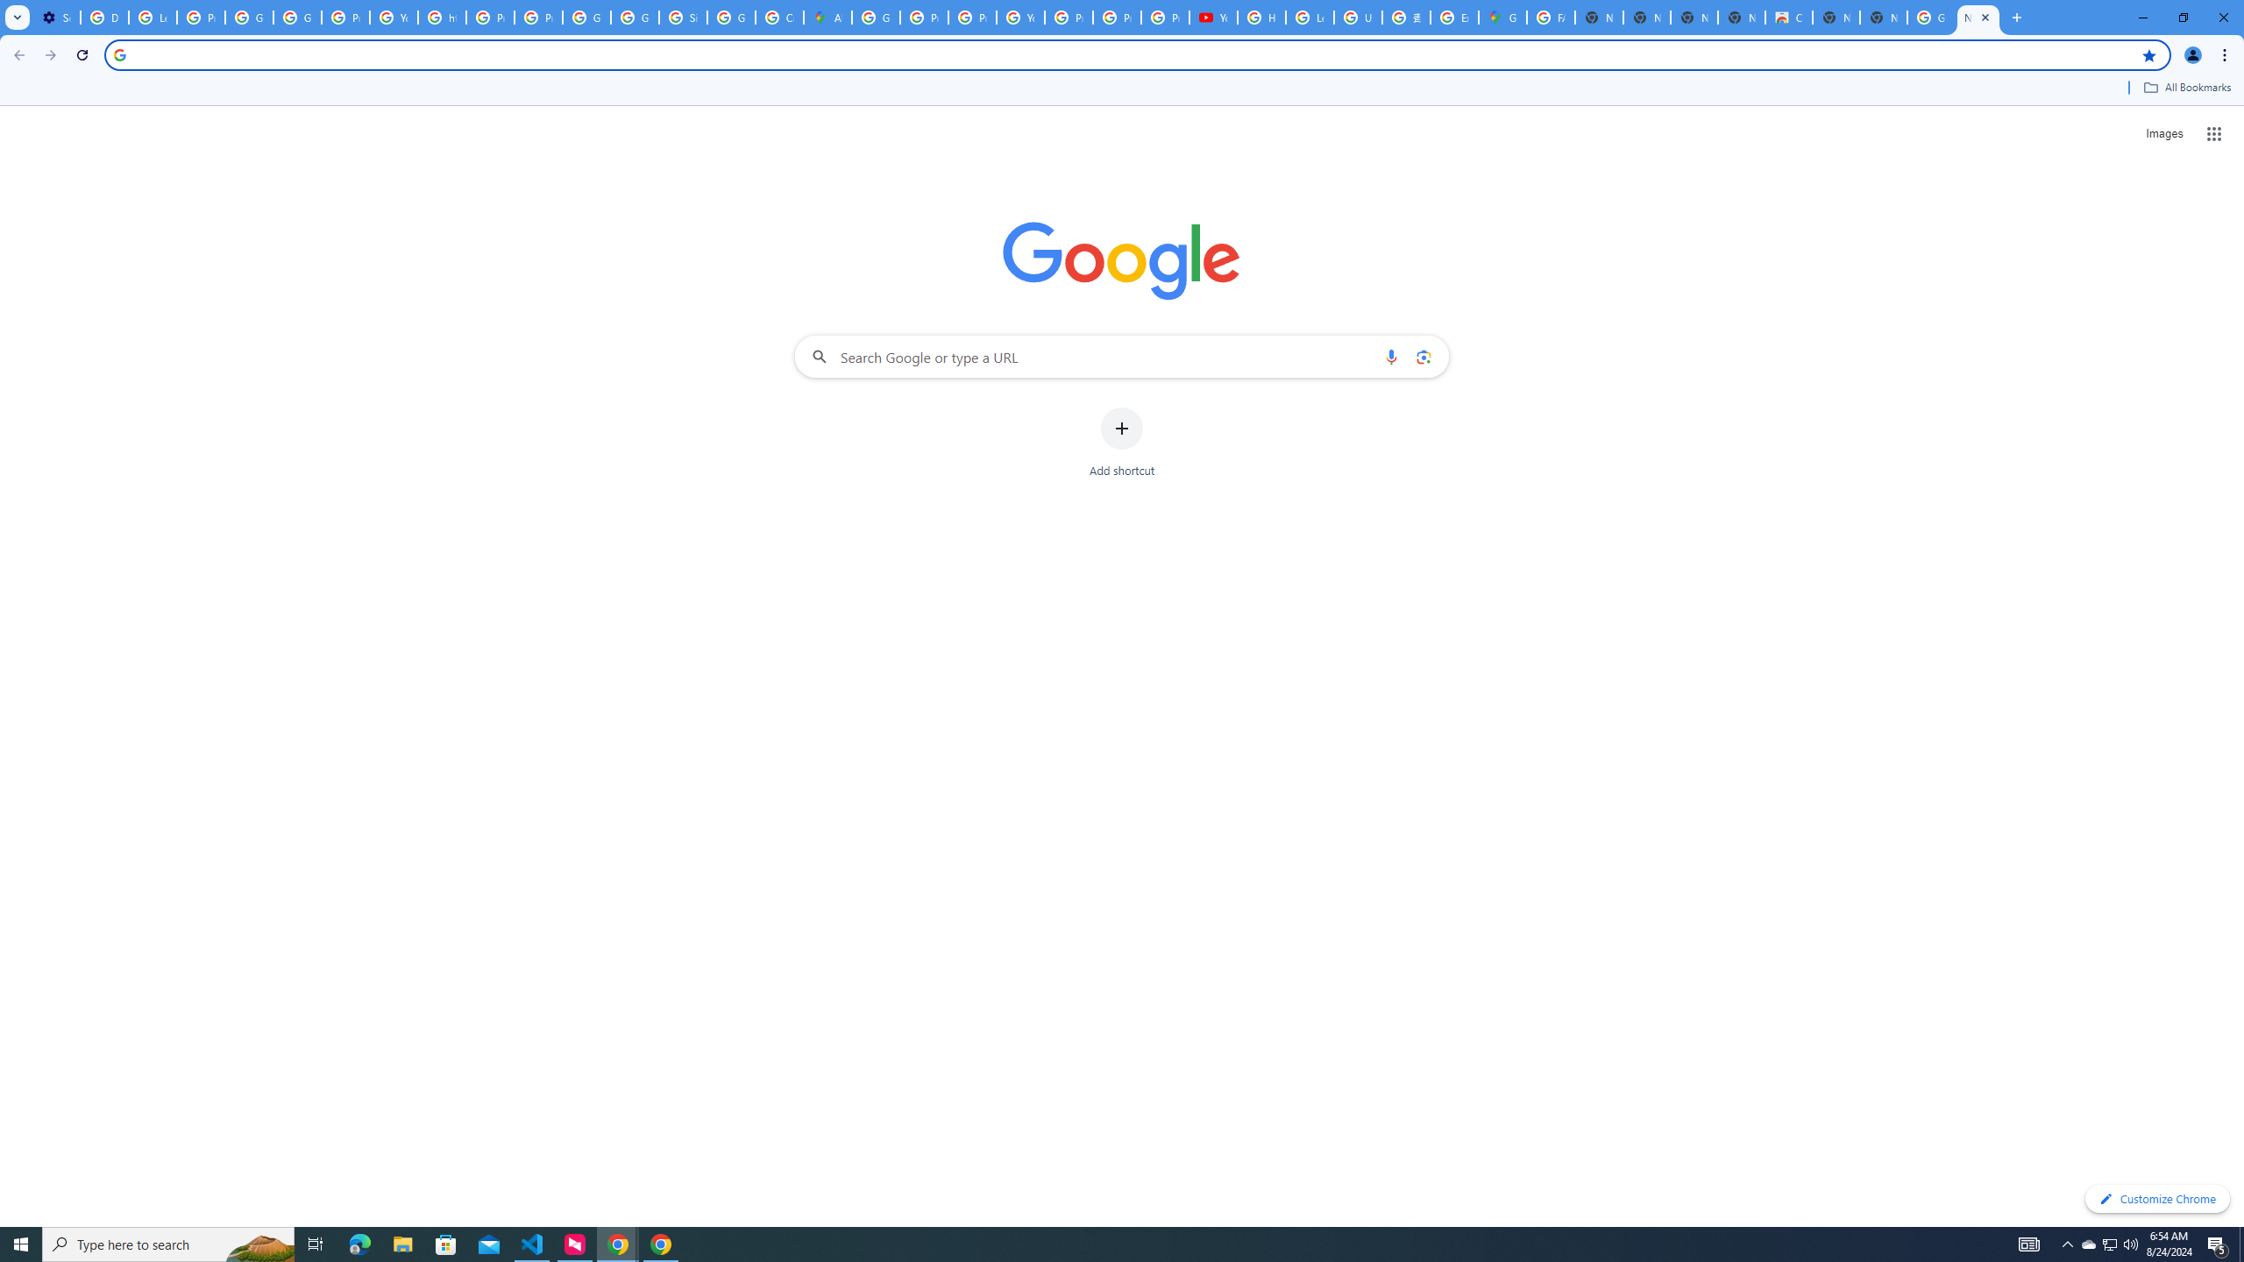 The height and width of the screenshot is (1262, 2244). Describe the element at coordinates (442, 17) in the screenshot. I see `'https://scholar.google.com/'` at that location.